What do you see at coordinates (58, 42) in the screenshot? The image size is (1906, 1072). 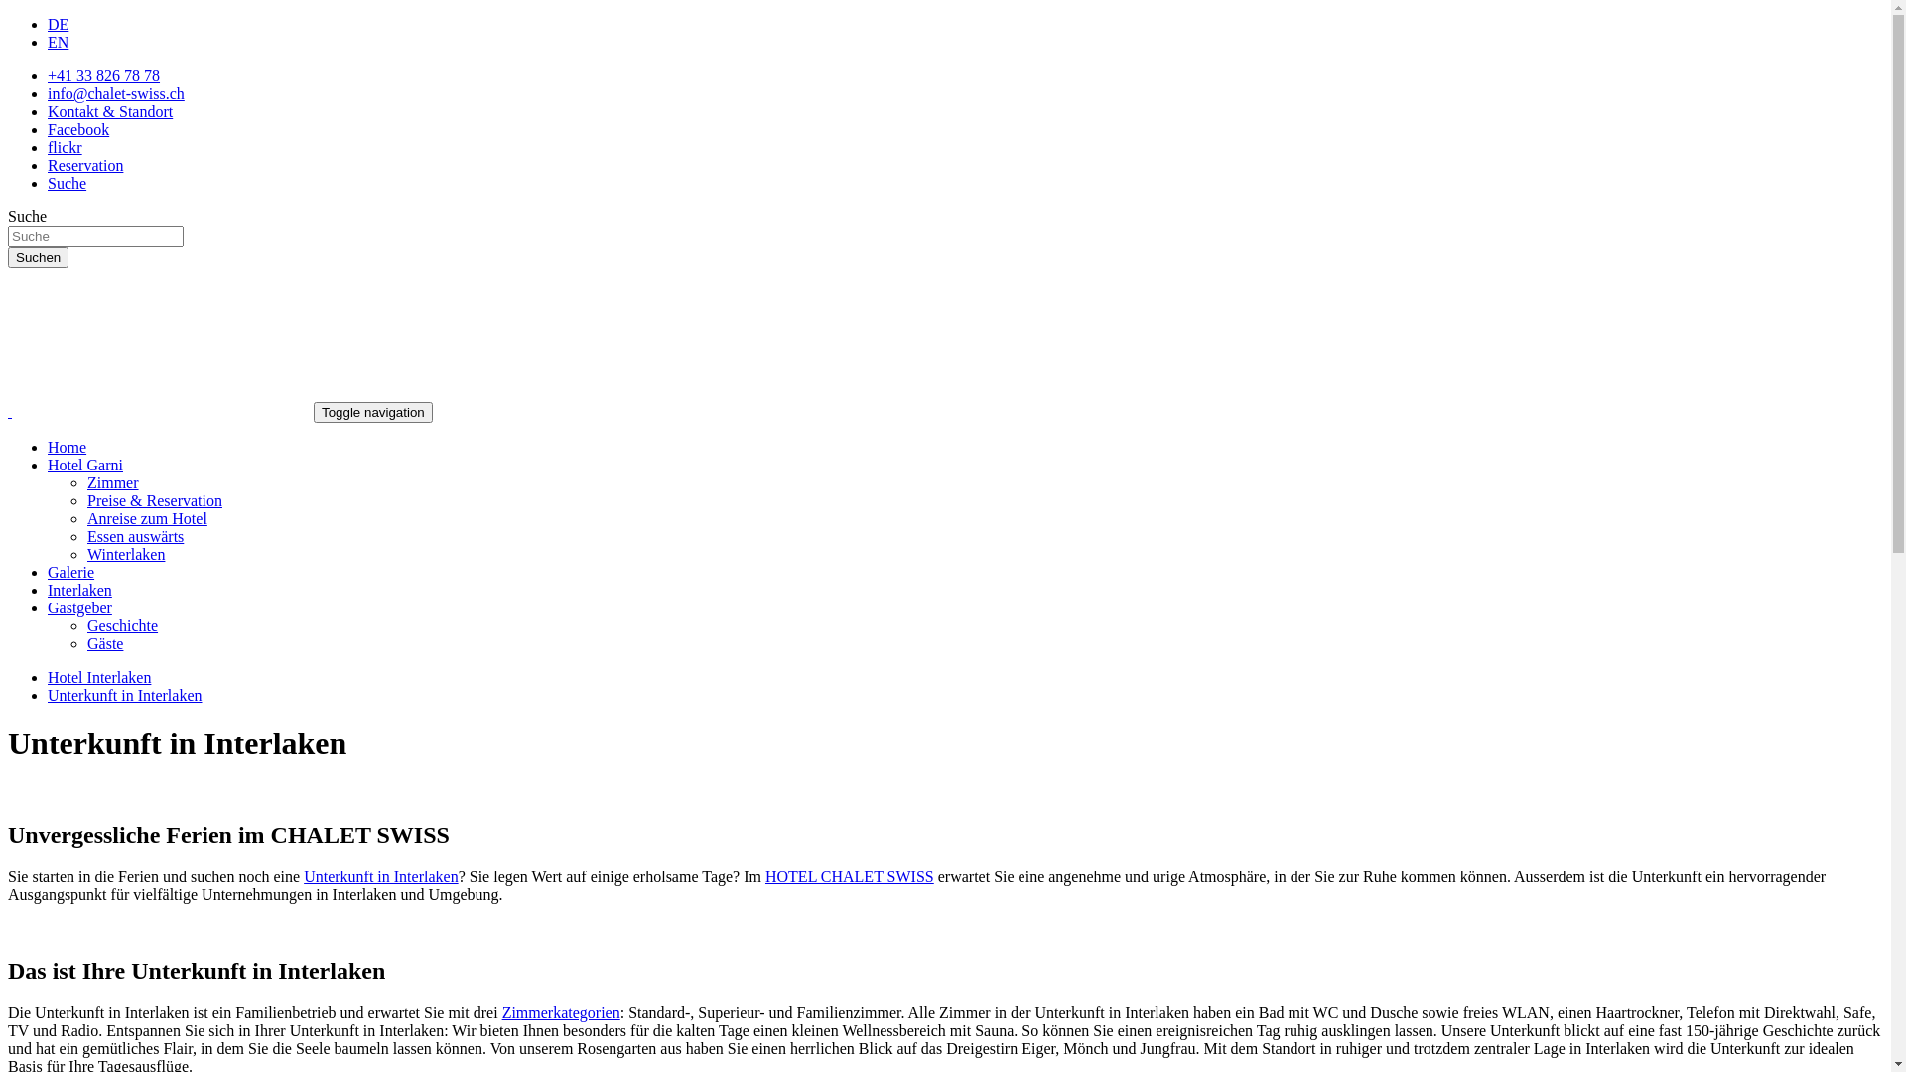 I see `'EN'` at bounding box center [58, 42].